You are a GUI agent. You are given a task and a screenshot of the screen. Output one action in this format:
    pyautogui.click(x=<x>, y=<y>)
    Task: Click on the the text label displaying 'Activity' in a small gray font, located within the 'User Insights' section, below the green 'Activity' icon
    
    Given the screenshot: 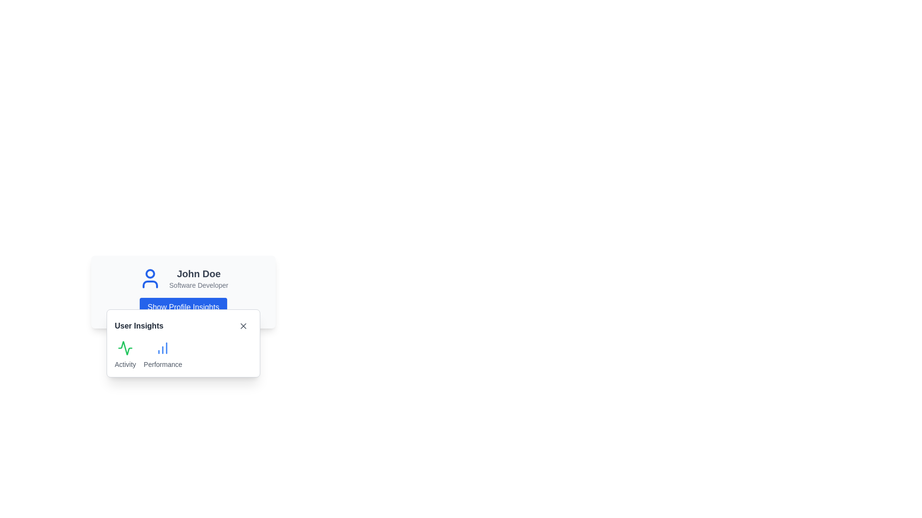 What is the action you would take?
    pyautogui.click(x=125, y=364)
    